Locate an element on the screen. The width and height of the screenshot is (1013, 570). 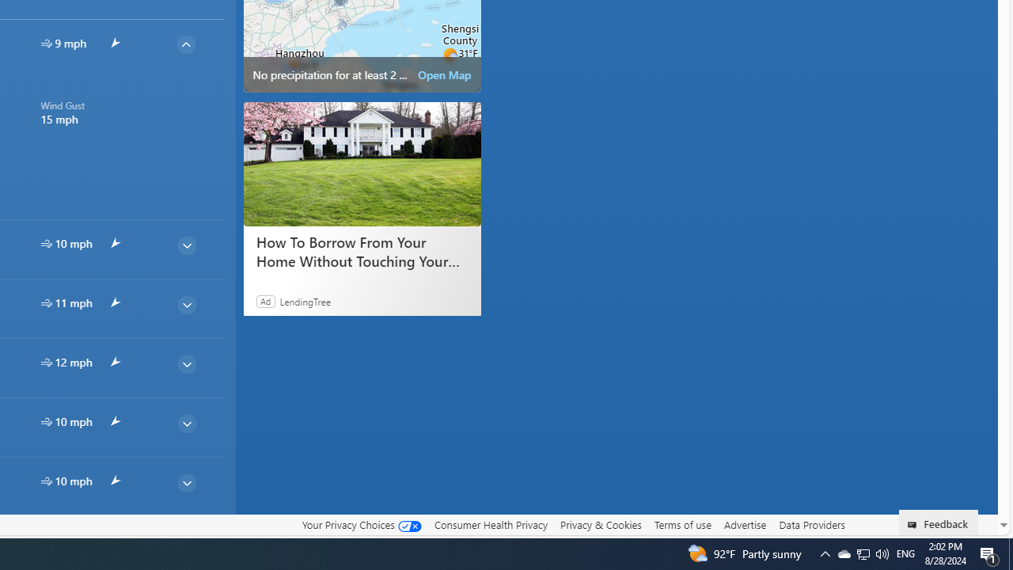
'Your Privacy Choices' is located at coordinates (360, 525).